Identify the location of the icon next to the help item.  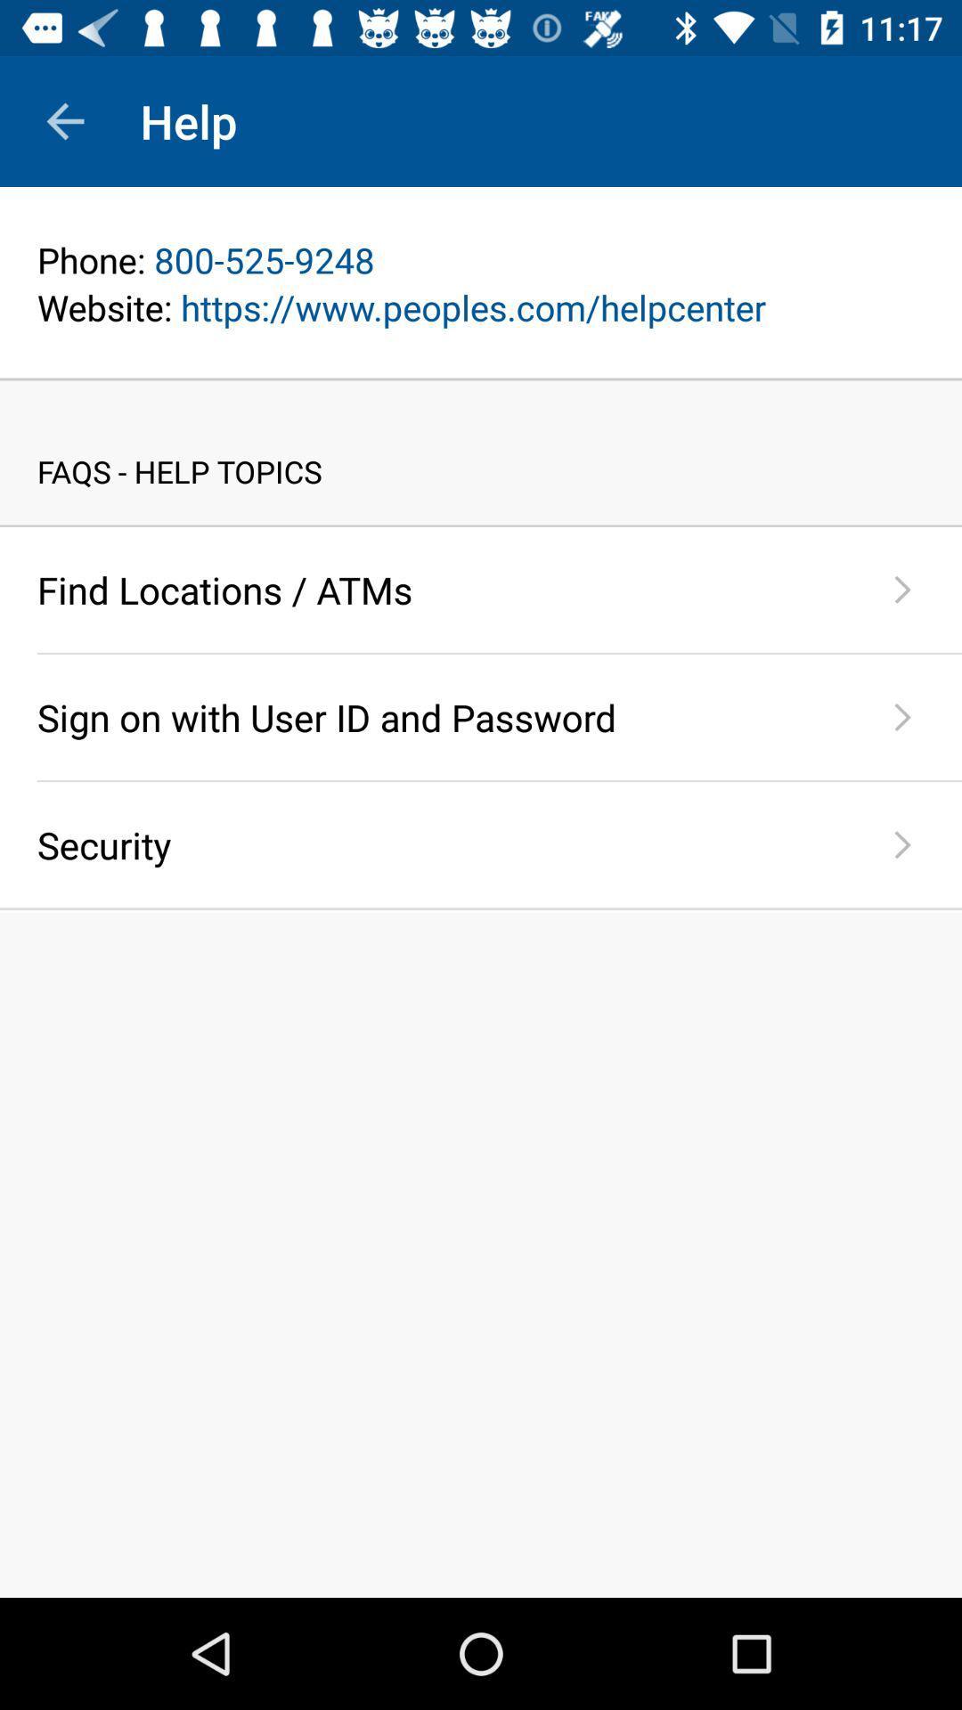
(64, 120).